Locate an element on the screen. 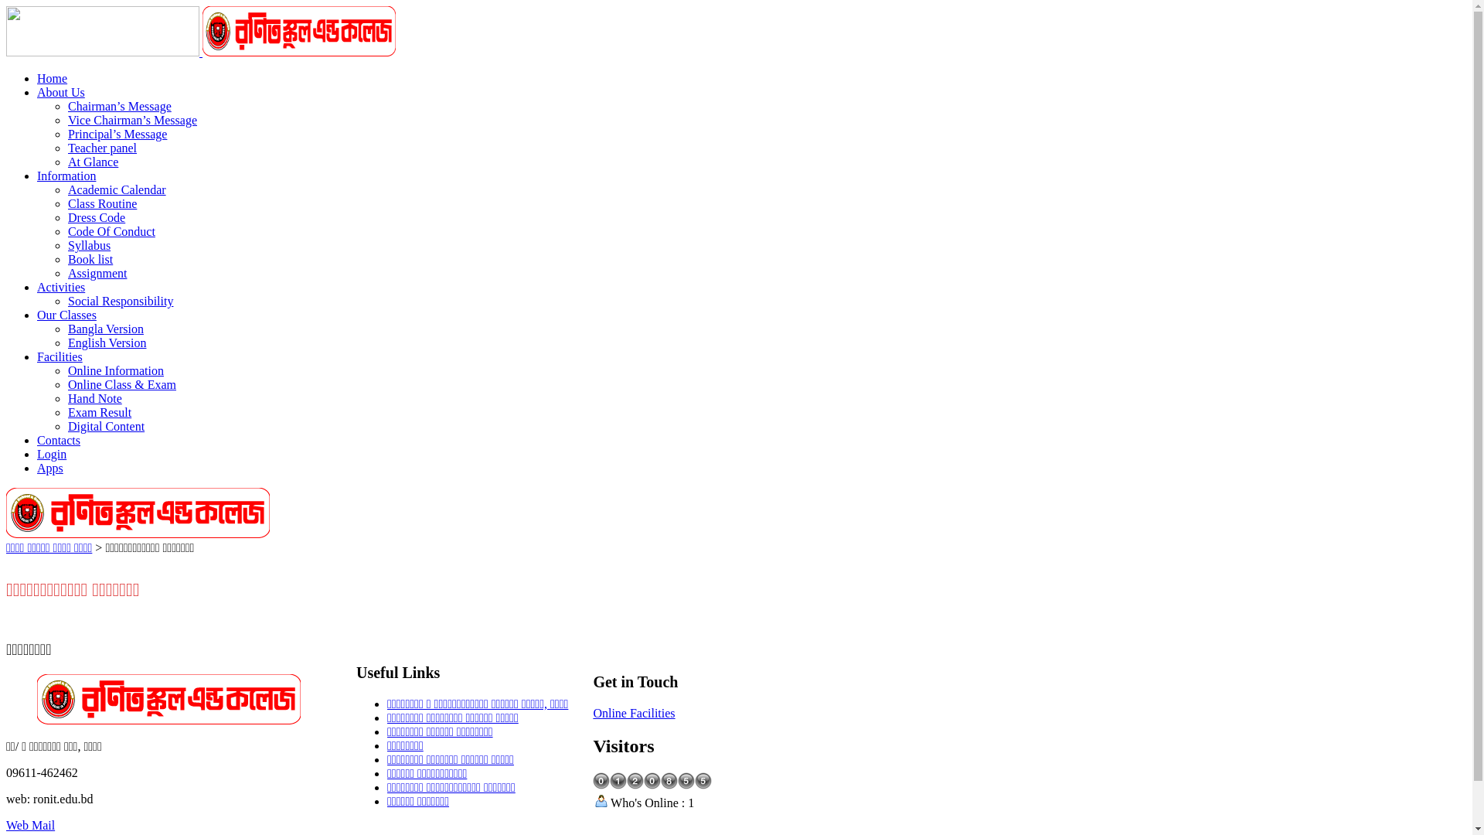  'At Glance' is located at coordinates (92, 162).